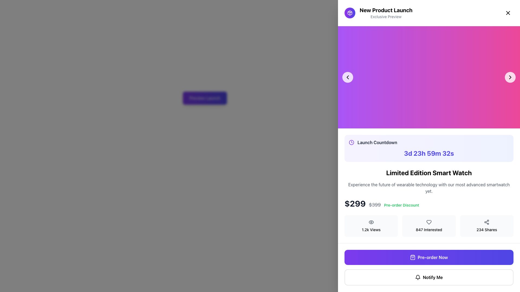 This screenshot has height=292, width=520. Describe the element at coordinates (429, 257) in the screenshot. I see `the 'Pre-order Now' button` at that location.